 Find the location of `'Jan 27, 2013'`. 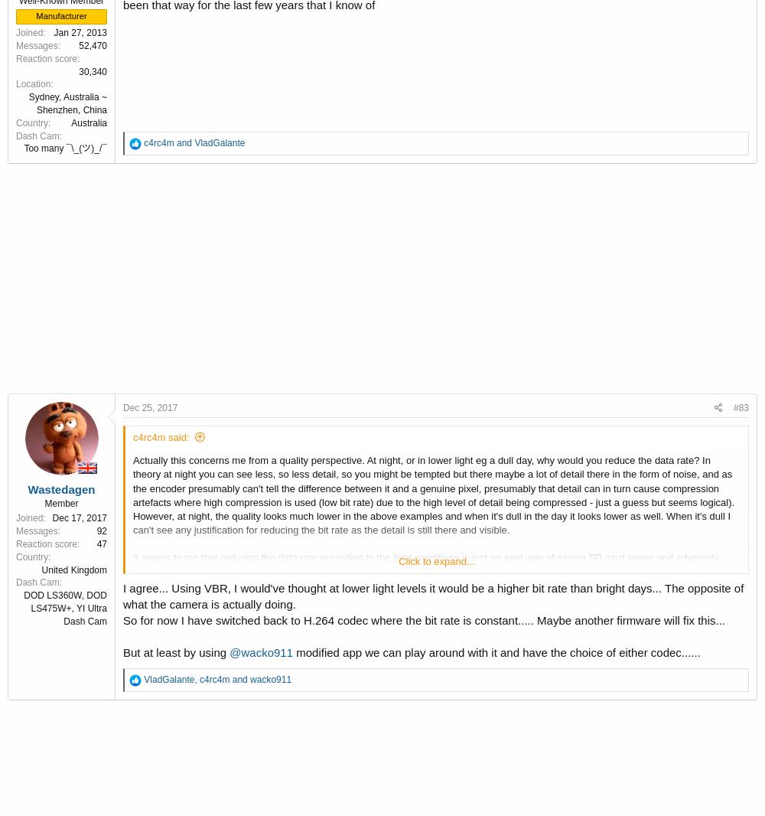

'Jan 27, 2013' is located at coordinates (80, 31).